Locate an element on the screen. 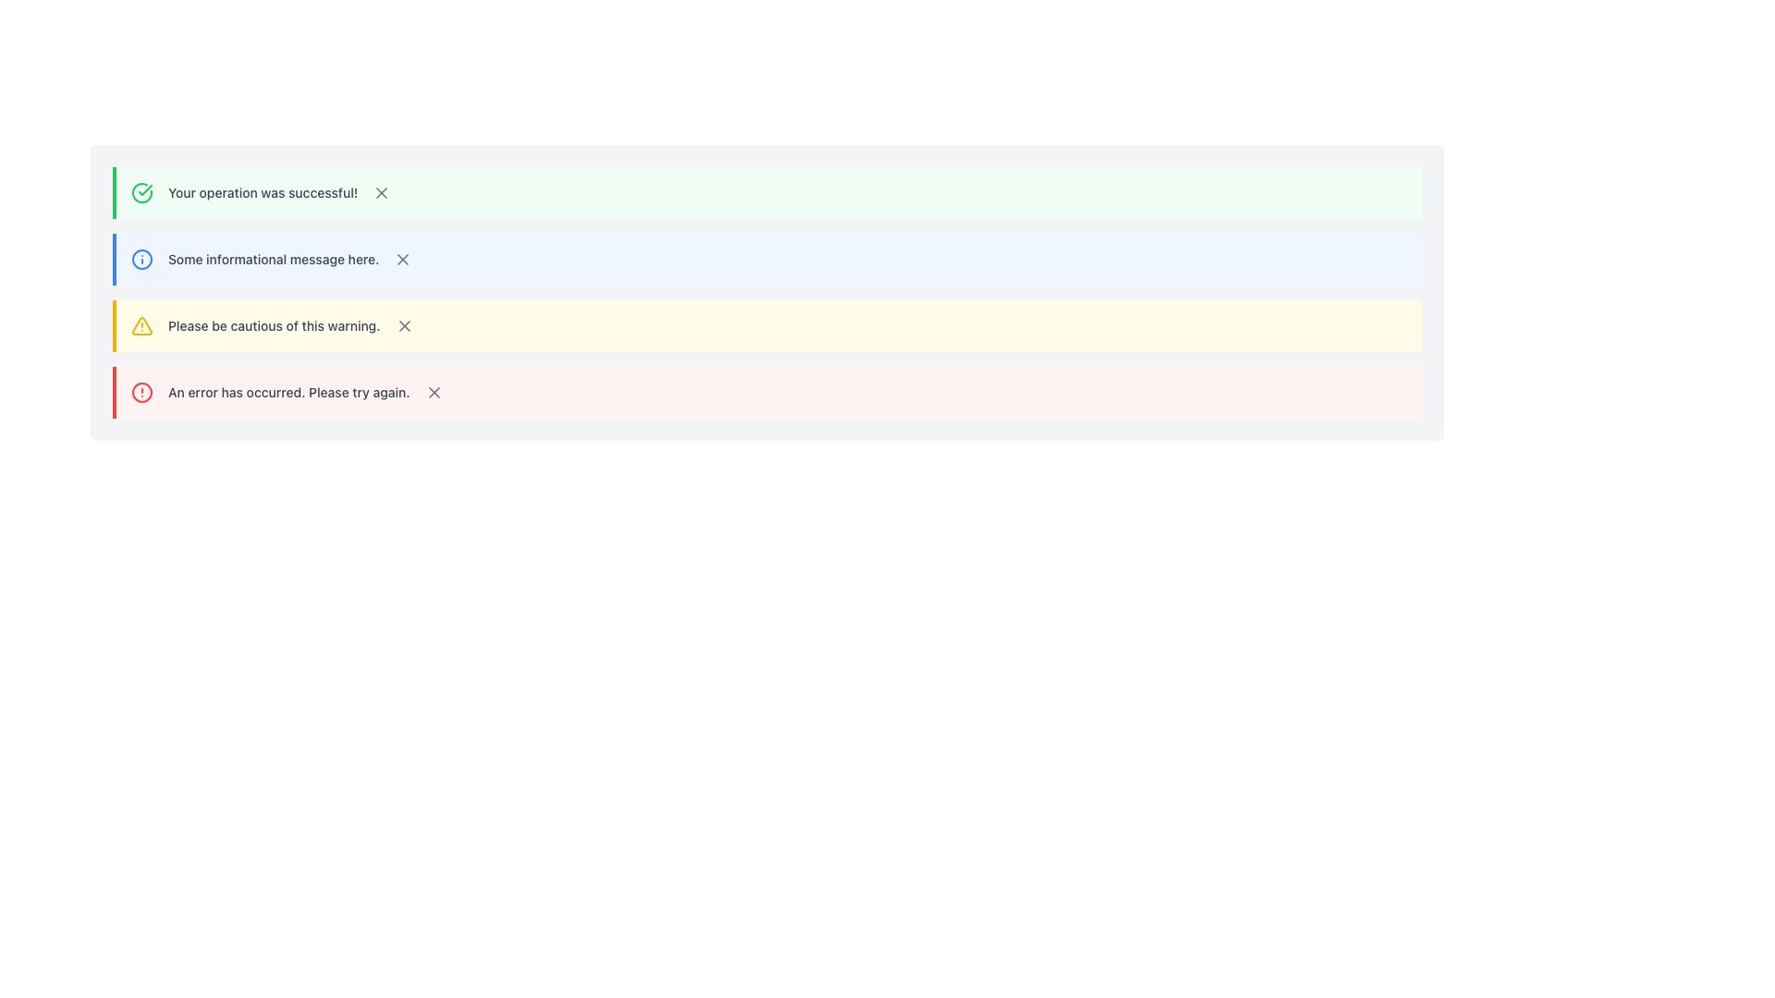 Image resolution: width=1775 pixels, height=998 pixels. text label displaying the message 'An error has occurred. Please try again.' which is part of the error alert box styled in red, located at the bottom of the notification stack is located at coordinates (288, 391).